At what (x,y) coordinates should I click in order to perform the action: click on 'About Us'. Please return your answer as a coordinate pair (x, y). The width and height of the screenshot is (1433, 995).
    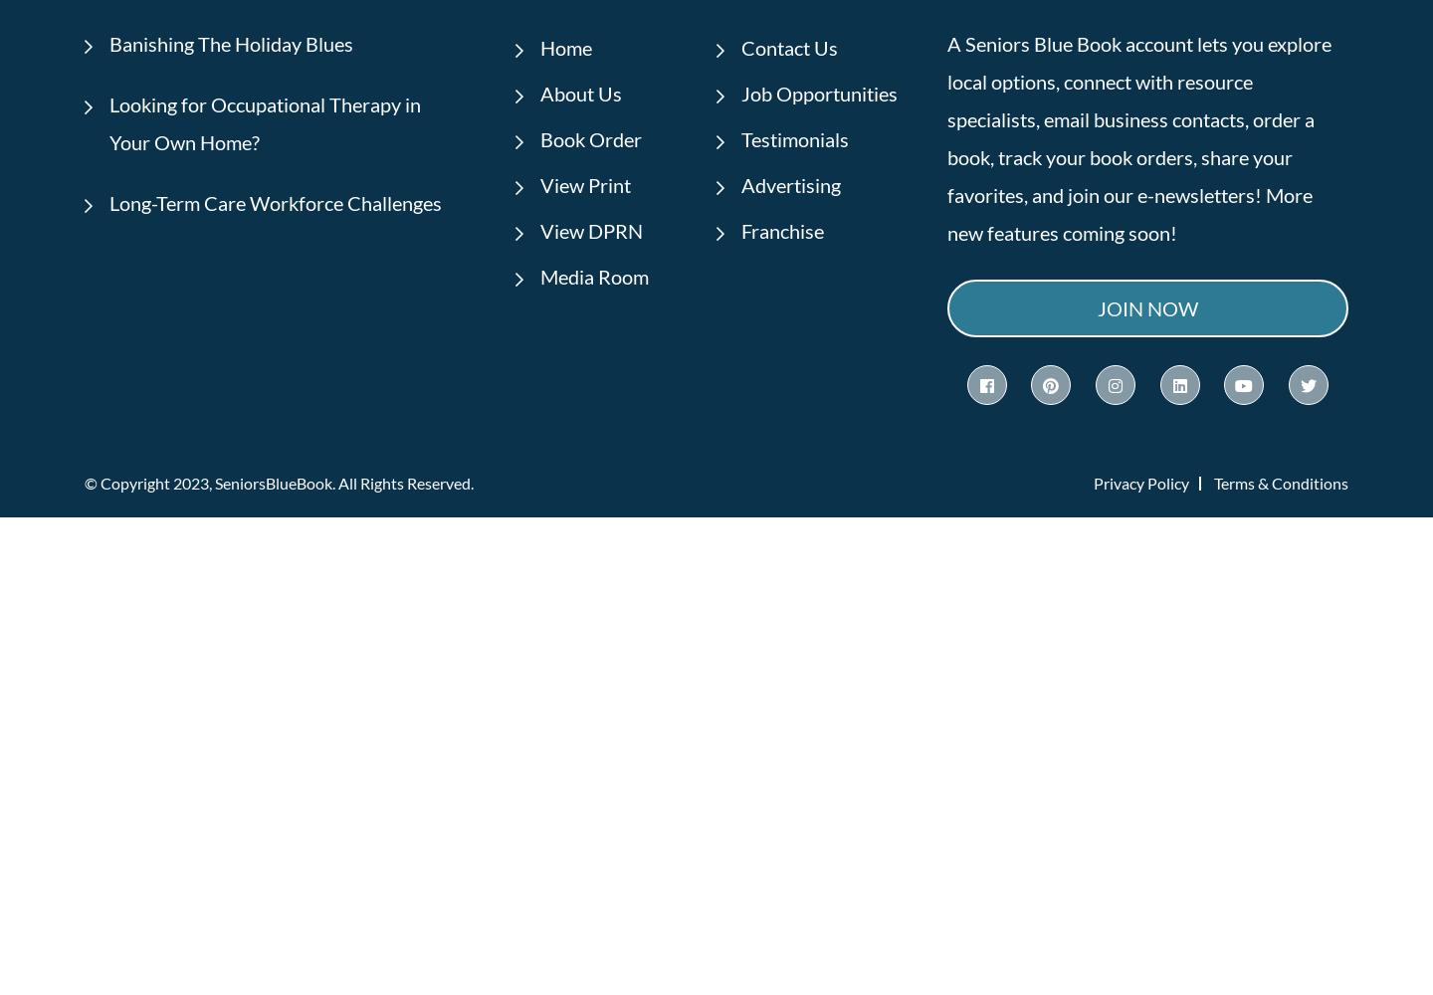
    Looking at the image, I should click on (581, 92).